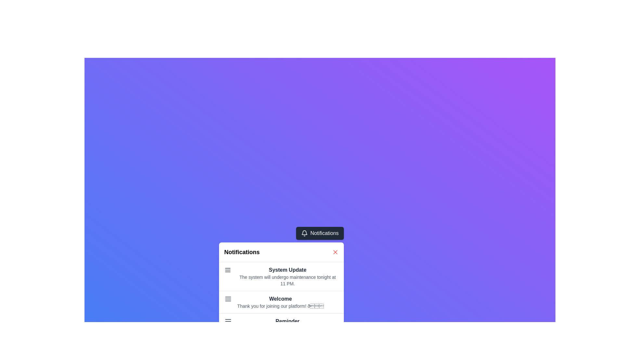  What do you see at coordinates (228, 321) in the screenshot?
I see `the icon to the left of the 'Reminder' text in the notification titled 'Reminder: Your meeting is scheduled for tomorrow at 10 AM'` at bounding box center [228, 321].